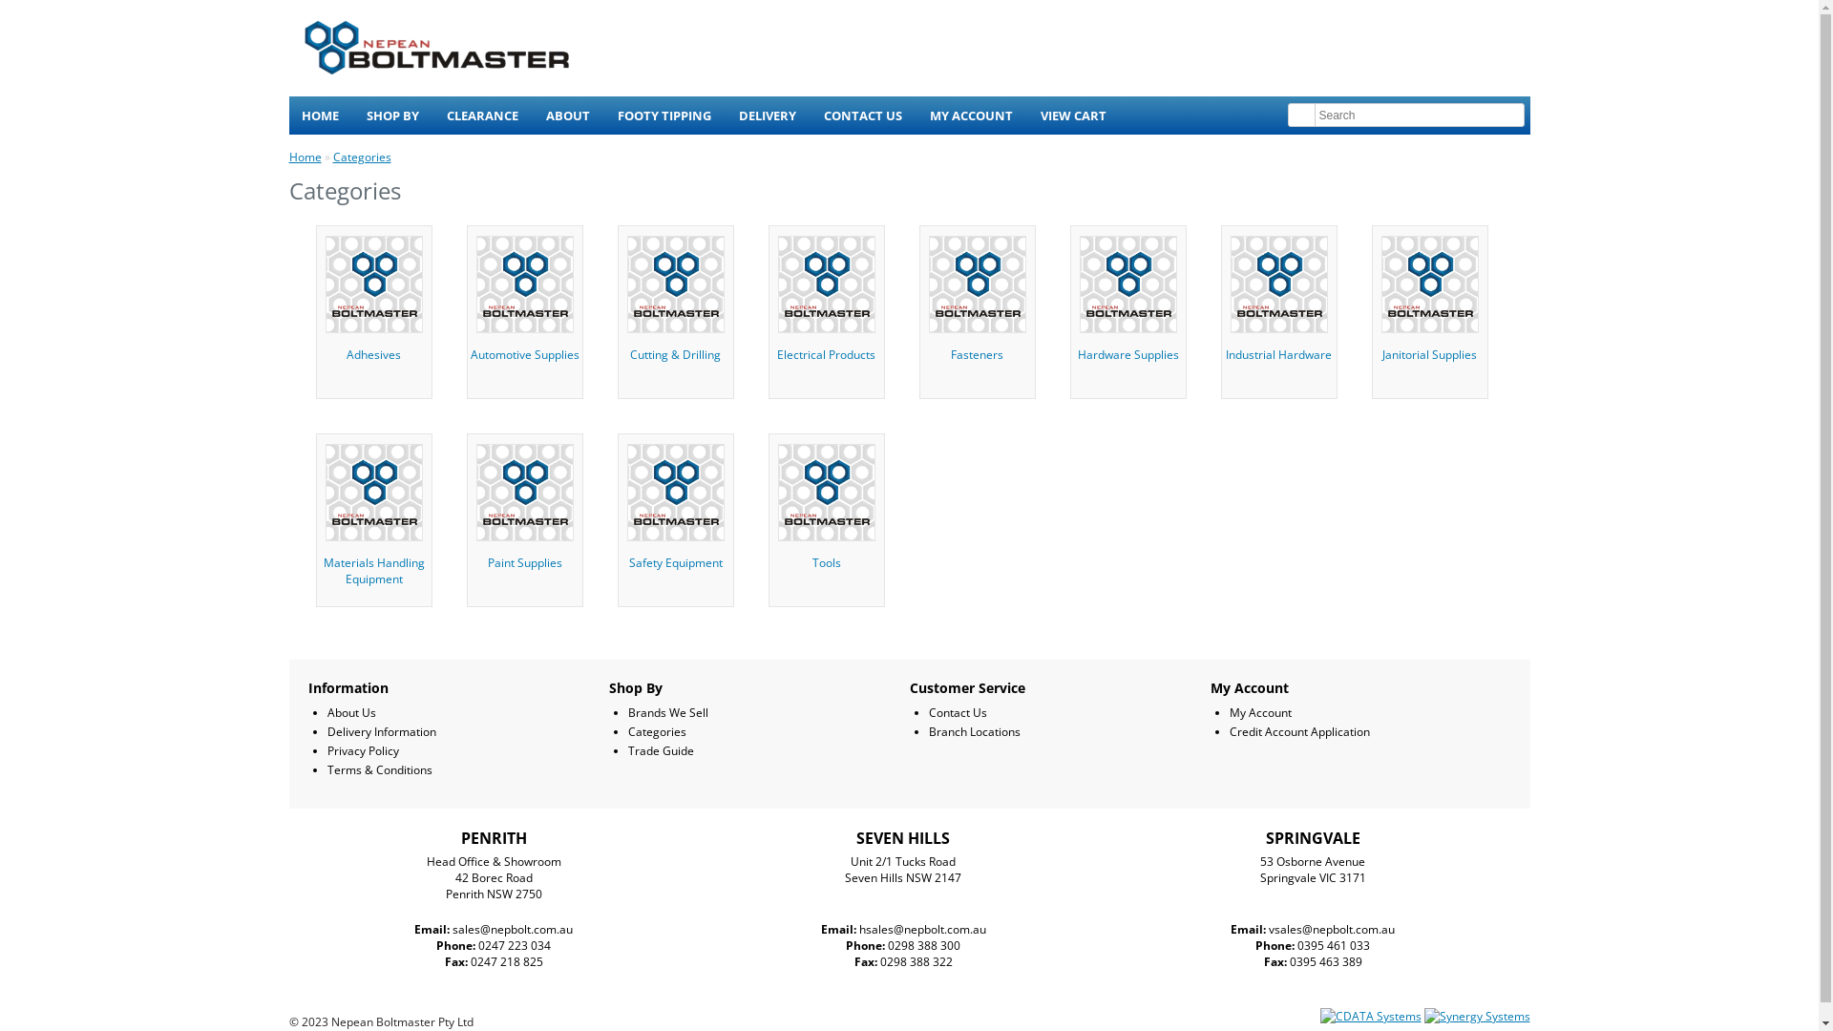 This screenshot has width=1833, height=1031. What do you see at coordinates (1298, 730) in the screenshot?
I see `'Credit Account Application'` at bounding box center [1298, 730].